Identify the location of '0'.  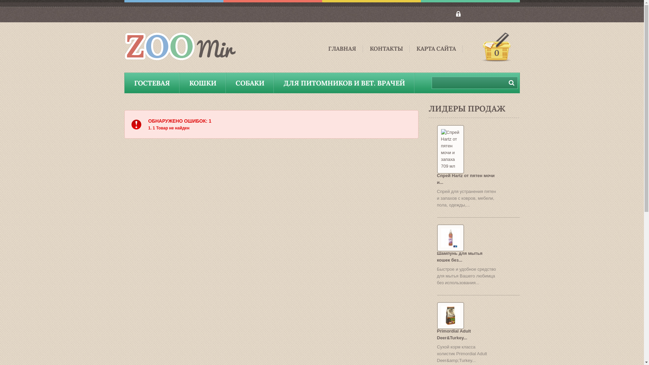
(496, 47).